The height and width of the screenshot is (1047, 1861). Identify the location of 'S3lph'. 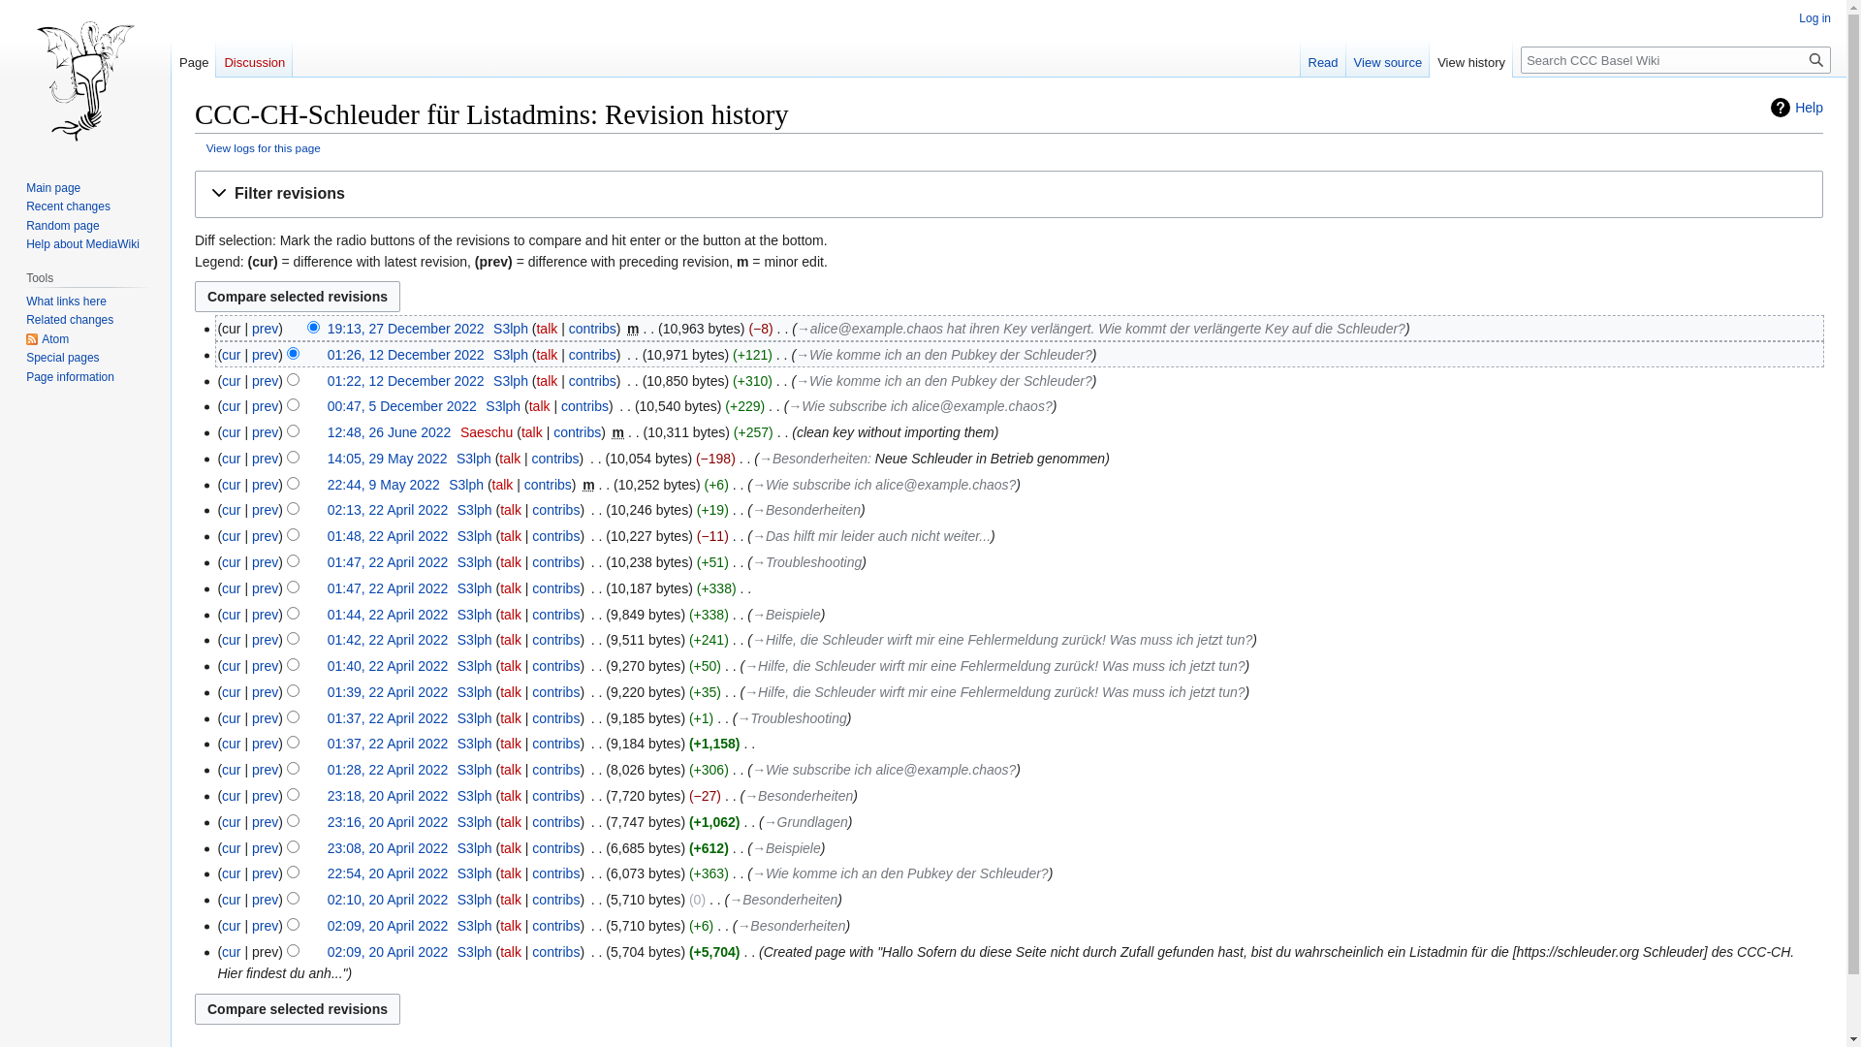
(492, 328).